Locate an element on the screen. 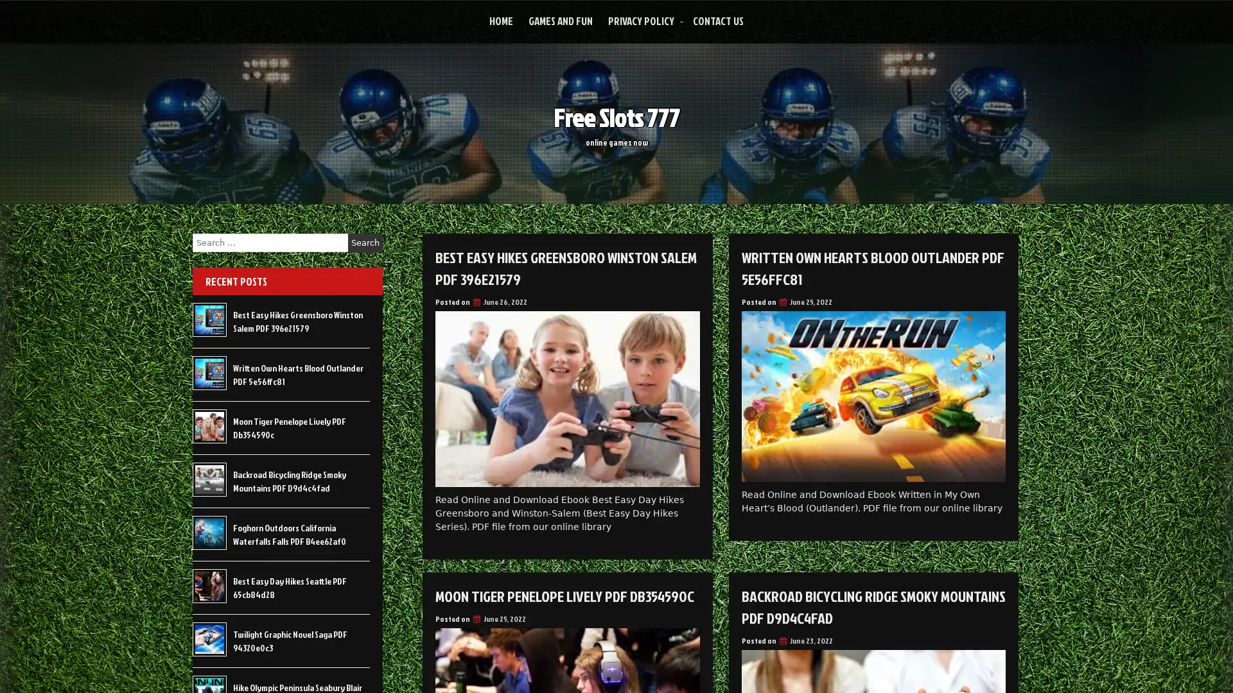 The height and width of the screenshot is (693, 1233). Search is located at coordinates (365, 243).